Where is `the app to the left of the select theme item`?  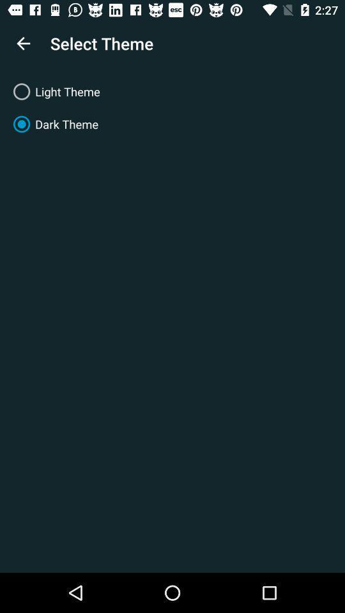 the app to the left of the select theme item is located at coordinates (23, 43).